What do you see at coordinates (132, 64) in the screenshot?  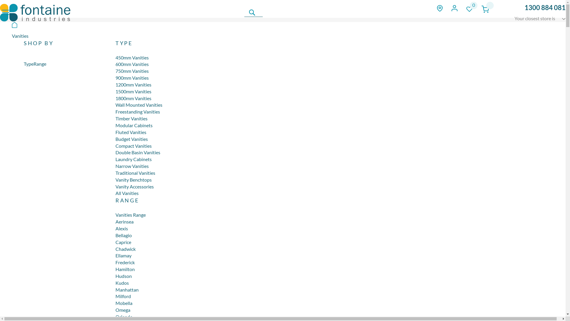 I see `'600mm Vanities'` at bounding box center [132, 64].